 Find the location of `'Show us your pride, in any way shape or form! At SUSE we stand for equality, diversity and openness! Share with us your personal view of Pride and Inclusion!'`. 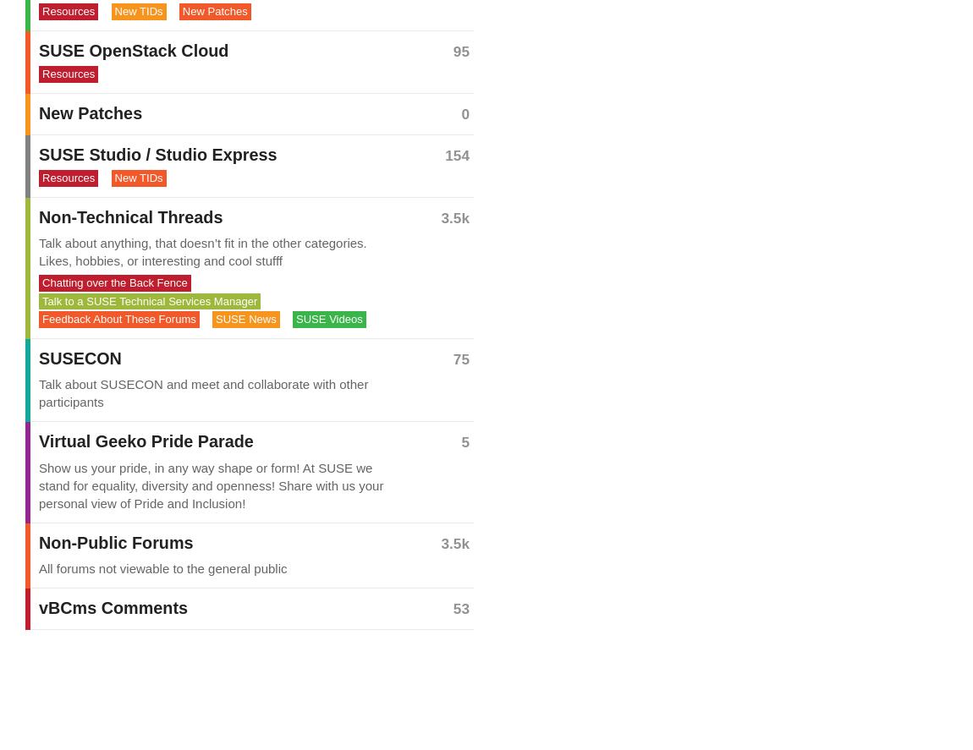

'Show us your pride, in any way shape or form! At SUSE we stand for equality, diversity and openness! Share with us your personal view of Pride and Inclusion!' is located at coordinates (210, 484).